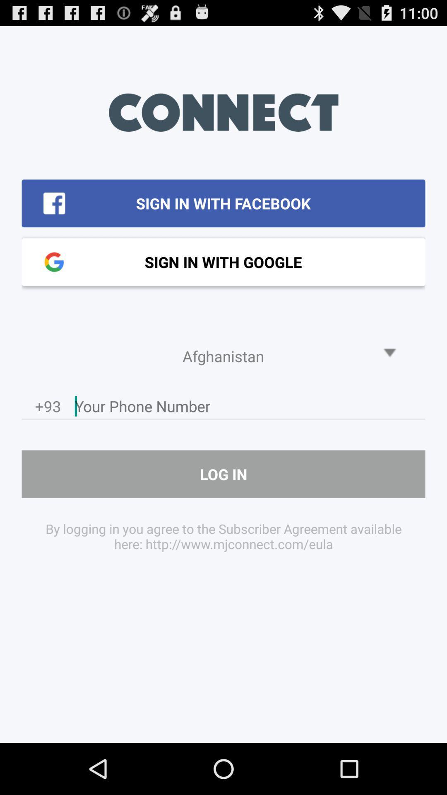 This screenshot has height=795, width=447. I want to click on log in, so click(223, 474).